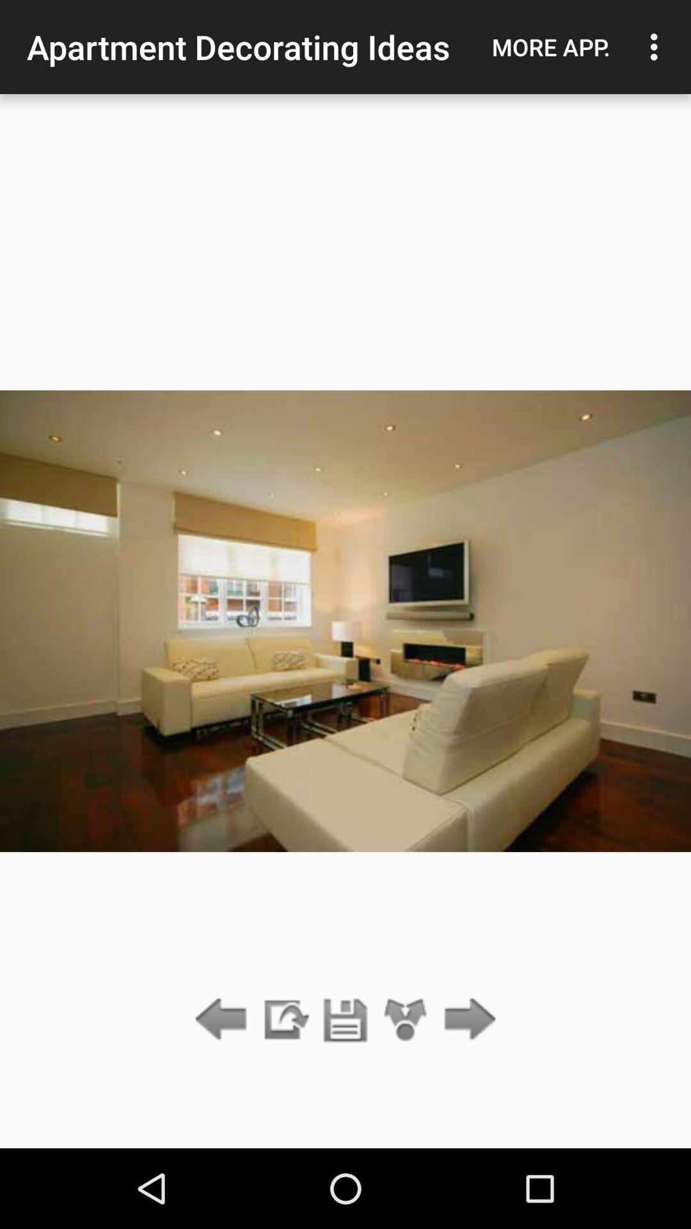  I want to click on the launch icon, so click(284, 1020).